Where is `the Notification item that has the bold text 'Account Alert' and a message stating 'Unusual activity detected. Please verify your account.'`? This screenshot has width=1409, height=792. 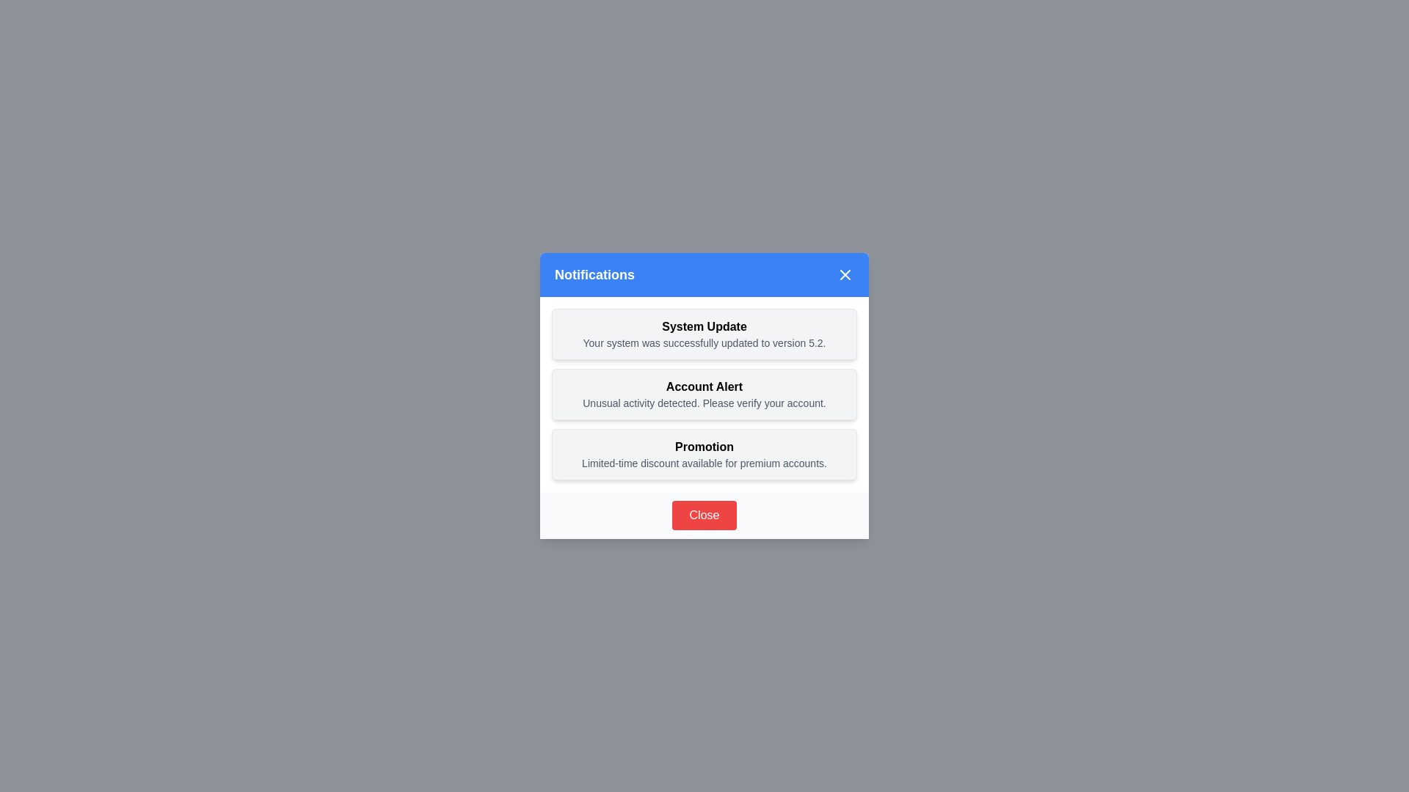
the Notification item that has the bold text 'Account Alert' and a message stating 'Unusual activity detected. Please verify your account.' is located at coordinates (704, 396).